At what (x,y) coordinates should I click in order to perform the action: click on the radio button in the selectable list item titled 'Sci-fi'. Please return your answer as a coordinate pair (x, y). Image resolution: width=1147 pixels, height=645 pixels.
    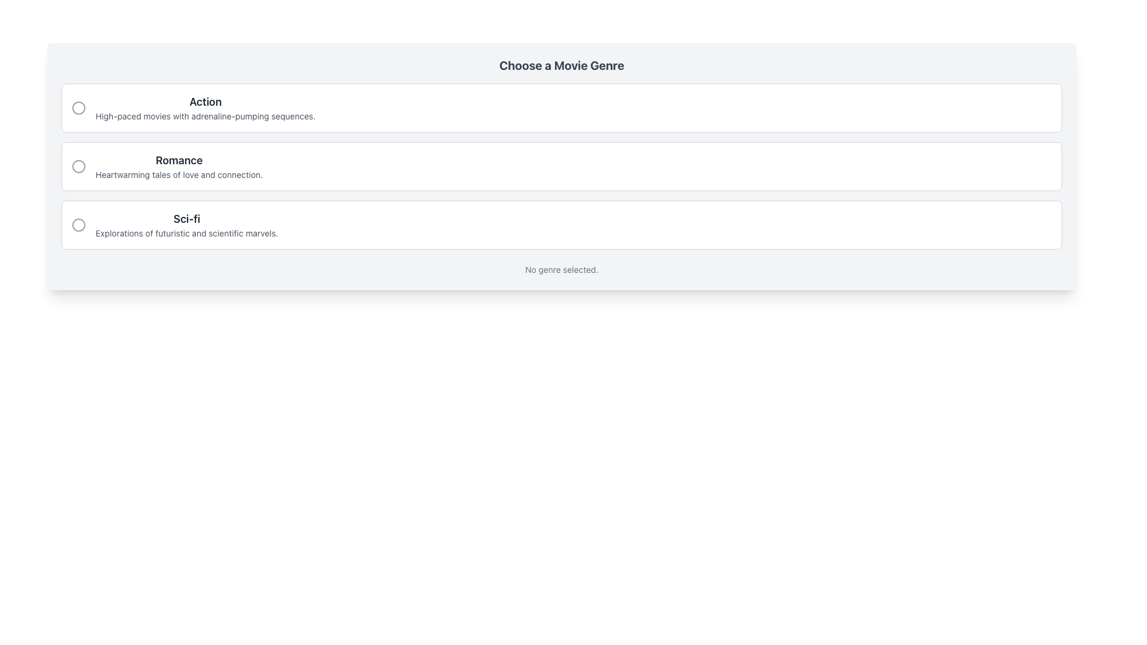
    Looking at the image, I should click on (561, 225).